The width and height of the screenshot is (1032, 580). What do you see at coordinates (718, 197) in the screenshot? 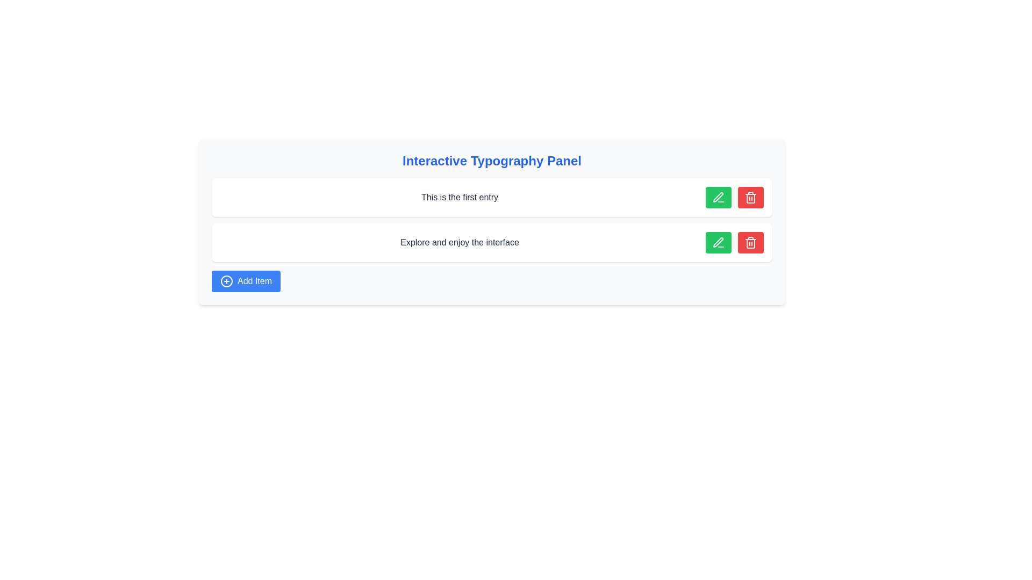
I see `the pen-shaped icon within the green editing button located to the right of the text line 'This is the first entry'` at bounding box center [718, 197].